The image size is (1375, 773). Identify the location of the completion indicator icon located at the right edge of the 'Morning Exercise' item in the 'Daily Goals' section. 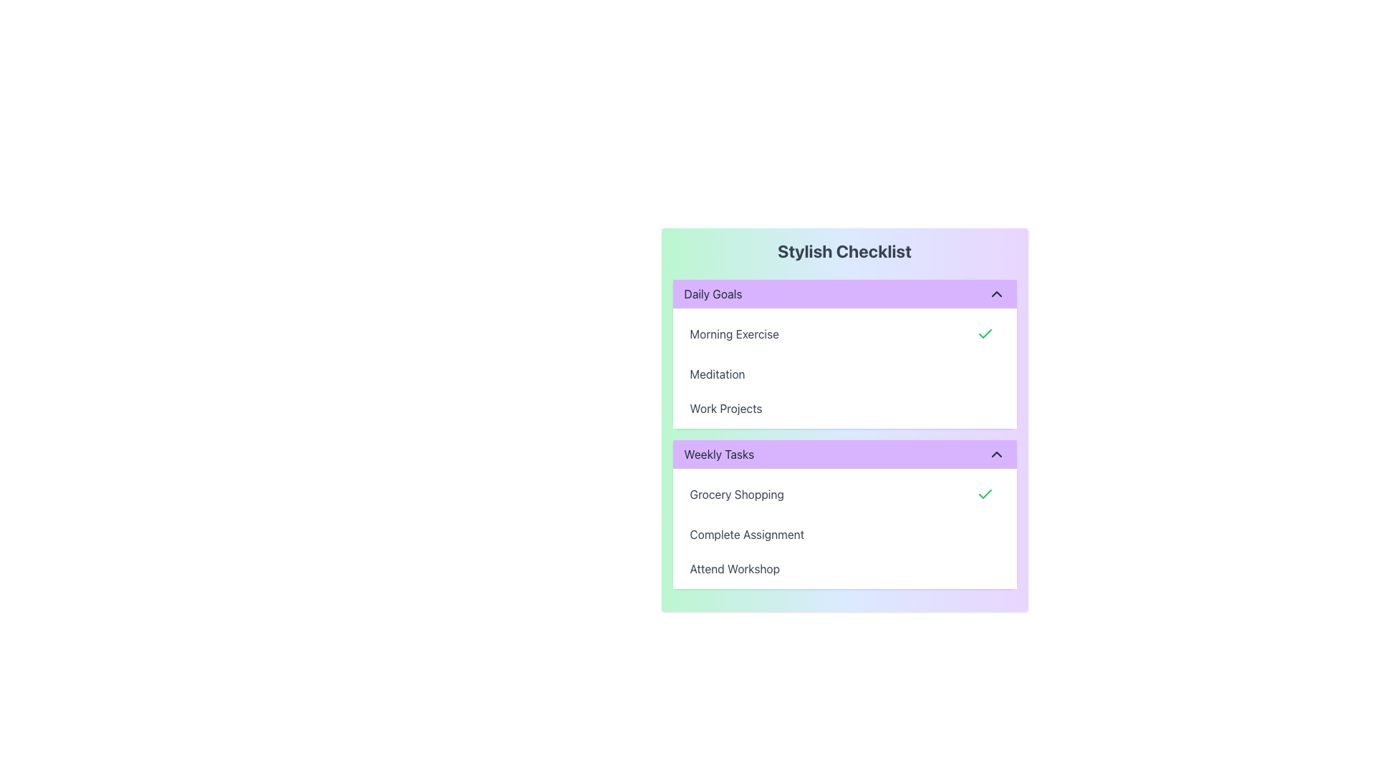
(984, 334).